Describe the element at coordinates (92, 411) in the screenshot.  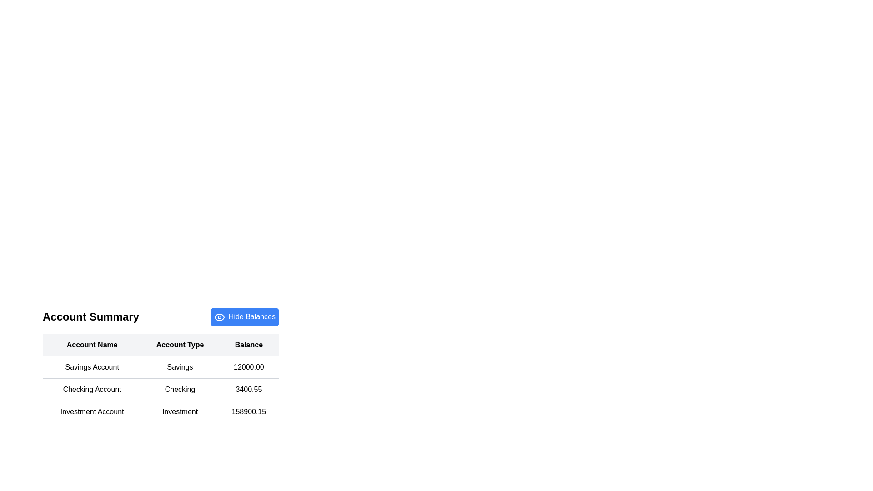
I see `displayed text of the Static text element representing the 'Investment Account' identifier located in the third row of the table under the 'Account Name' column` at that location.